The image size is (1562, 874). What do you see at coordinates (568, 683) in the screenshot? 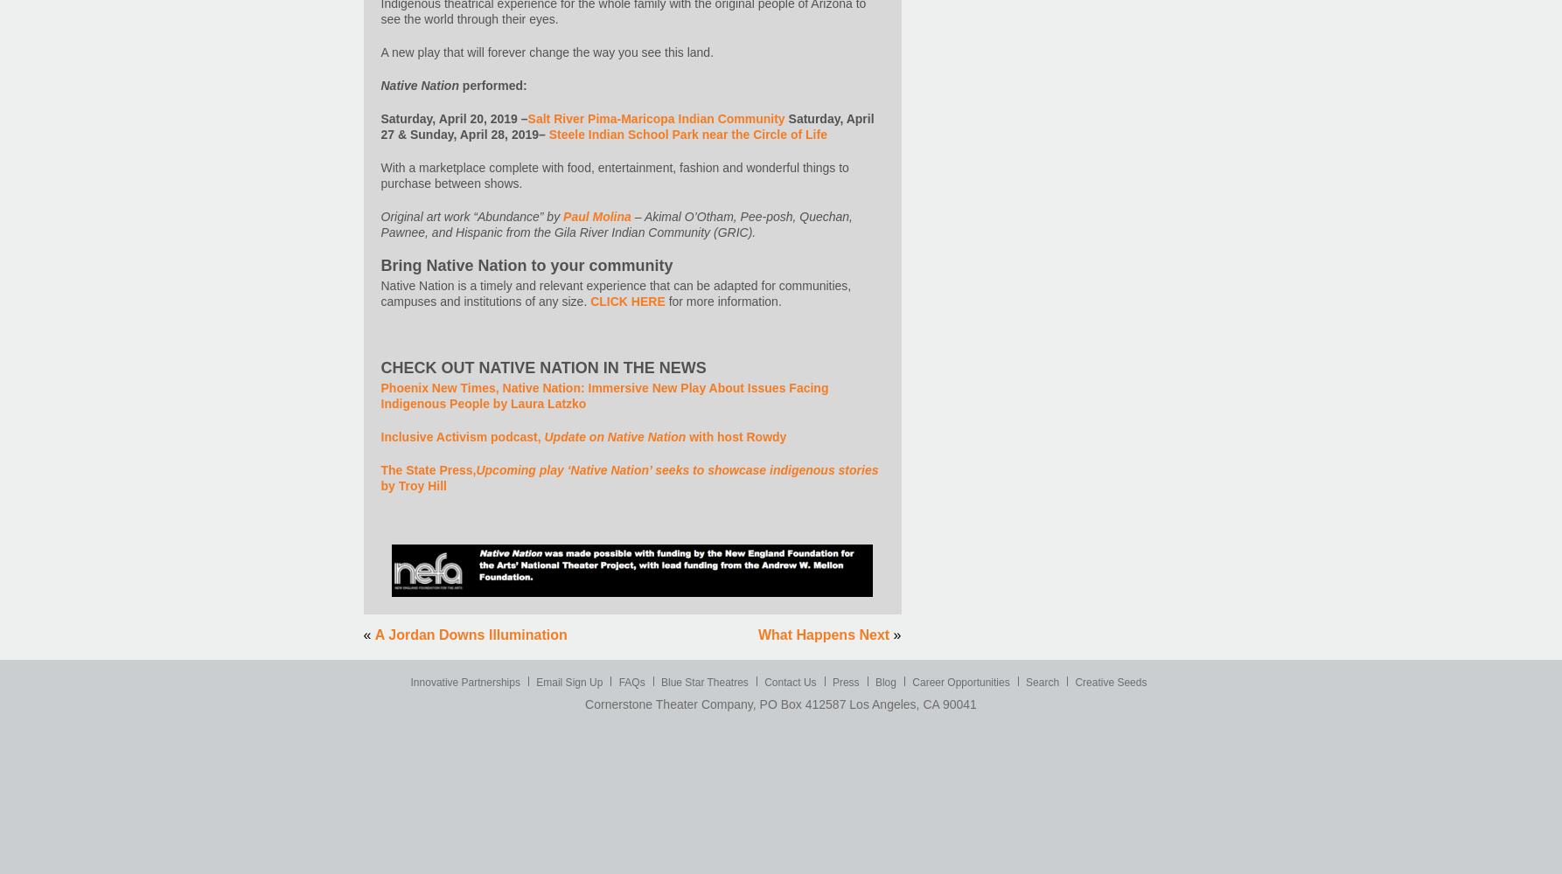
I see `'Email Sign Up'` at bounding box center [568, 683].